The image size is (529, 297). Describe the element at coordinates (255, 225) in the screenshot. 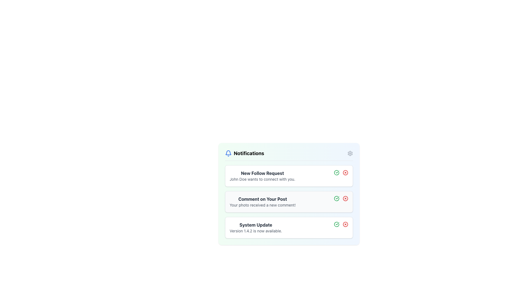

I see `the bold dark gray text label reading 'System Update', which is positioned at the top of a notification card` at that location.